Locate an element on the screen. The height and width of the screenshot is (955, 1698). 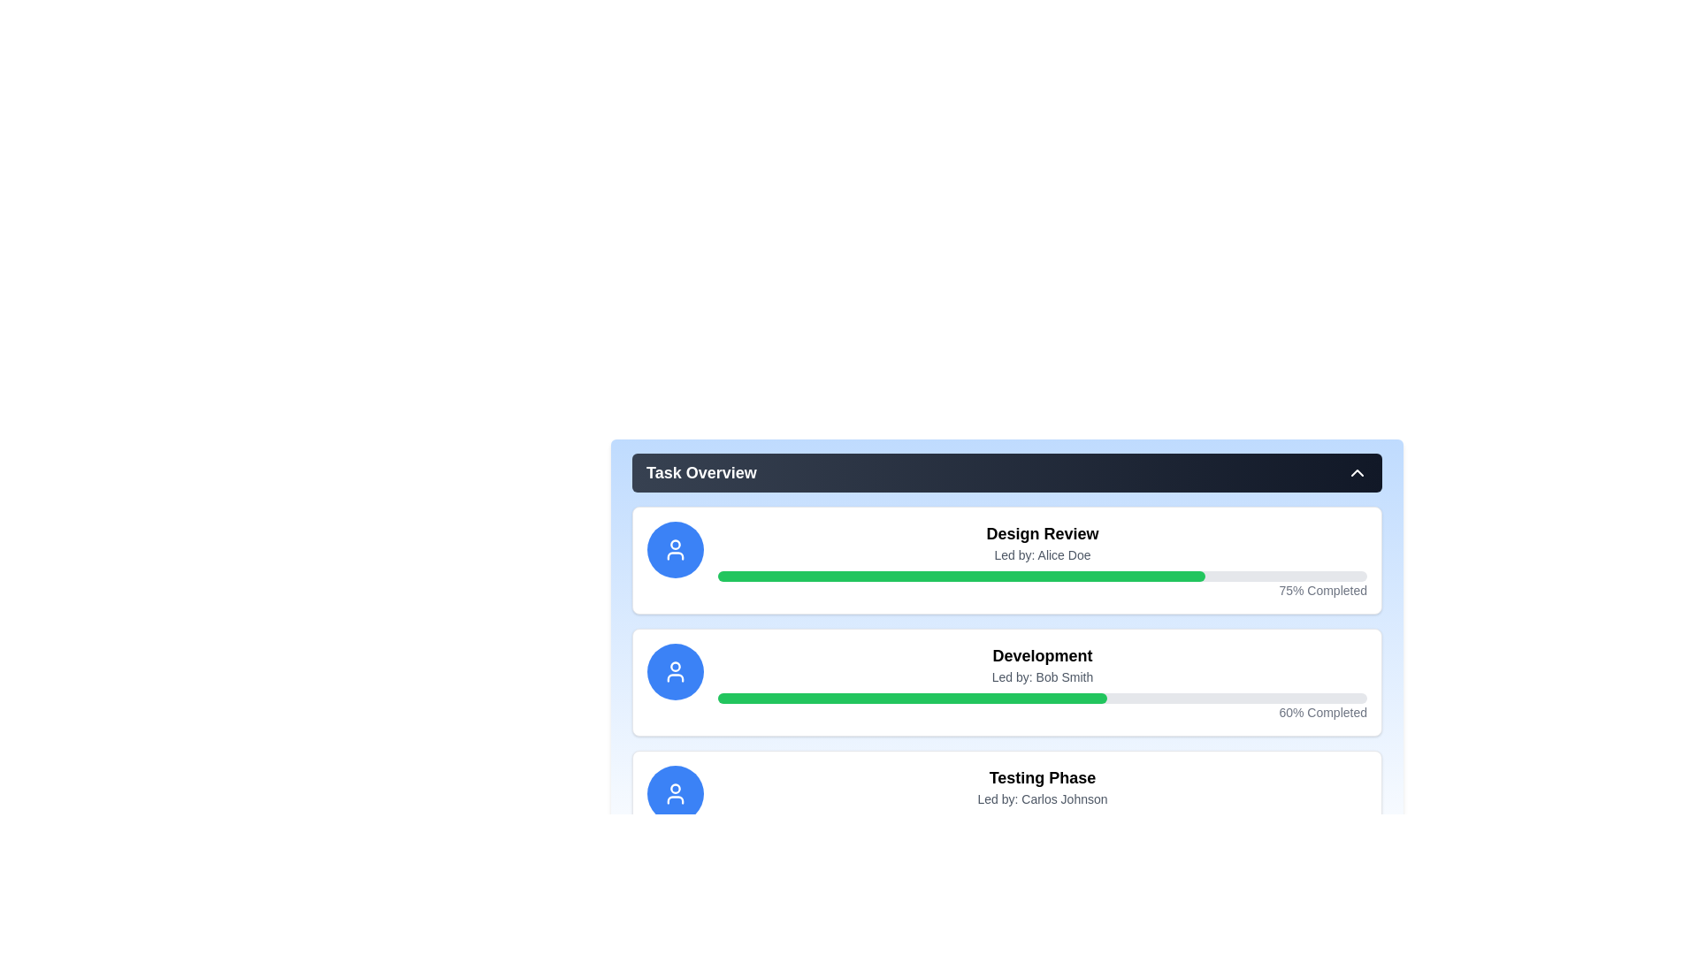
the progress bar representing 75% completion for the task labeled 'Design Review' is located at coordinates (960, 576).